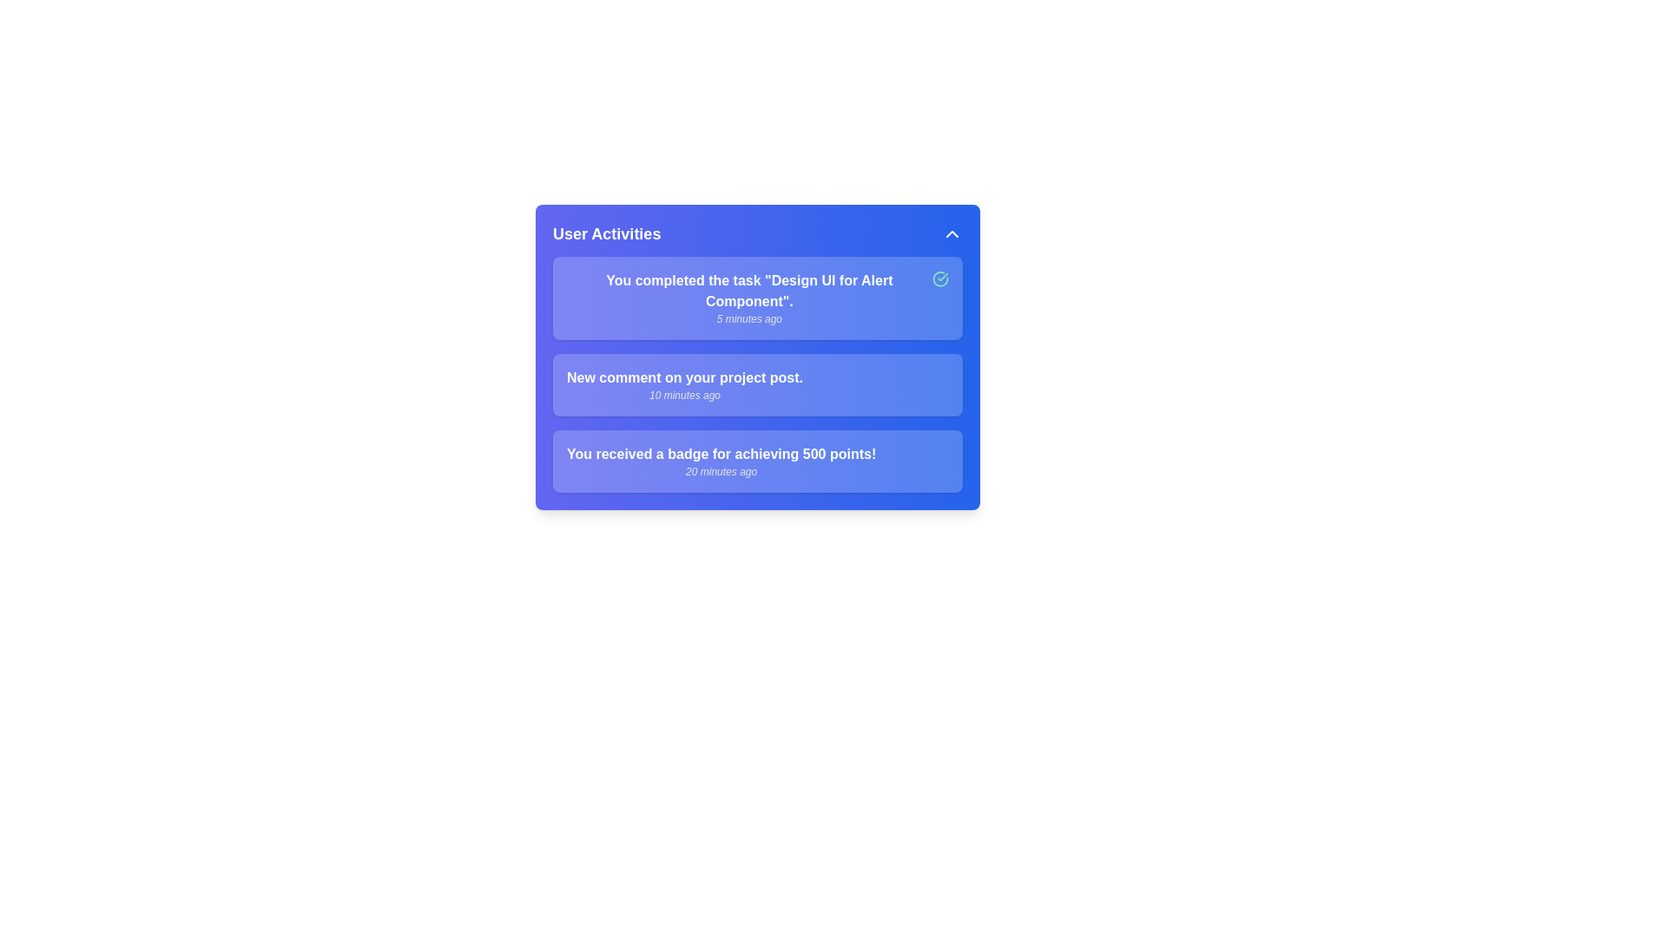 Image resolution: width=1667 pixels, height=937 pixels. What do you see at coordinates (758, 461) in the screenshot?
I see `the Notification card located at the bottom of the 'User Activities' panel, which displays a congratulatory message and a timestamp` at bounding box center [758, 461].